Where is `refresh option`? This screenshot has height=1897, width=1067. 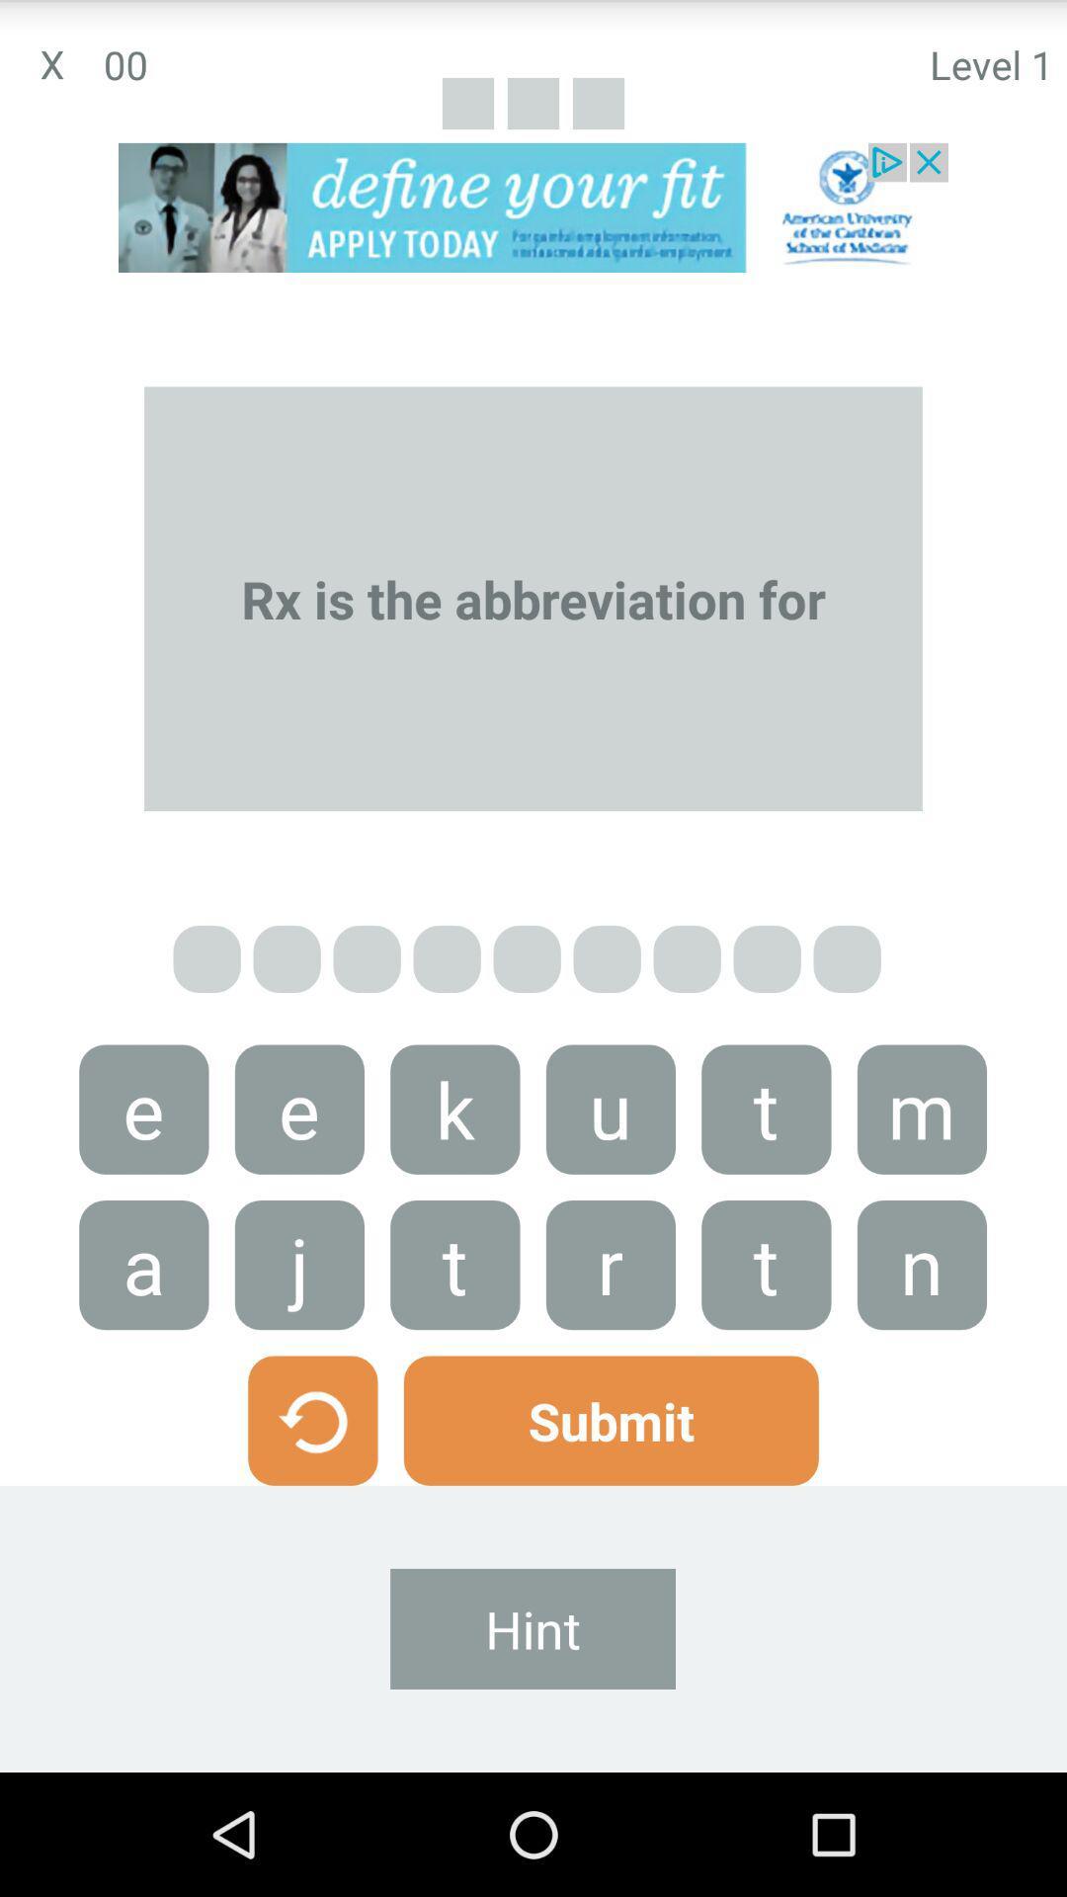 refresh option is located at coordinates (311, 1420).